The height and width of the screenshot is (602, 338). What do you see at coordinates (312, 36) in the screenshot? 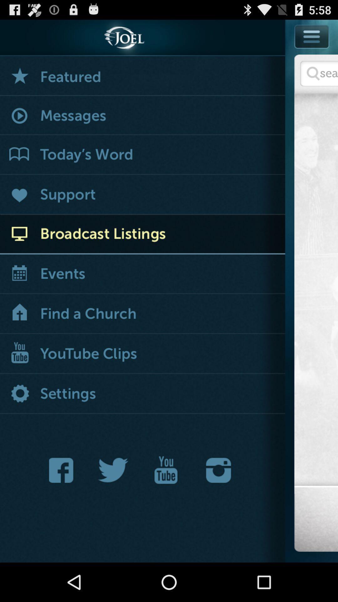
I see `tap to menu` at bounding box center [312, 36].